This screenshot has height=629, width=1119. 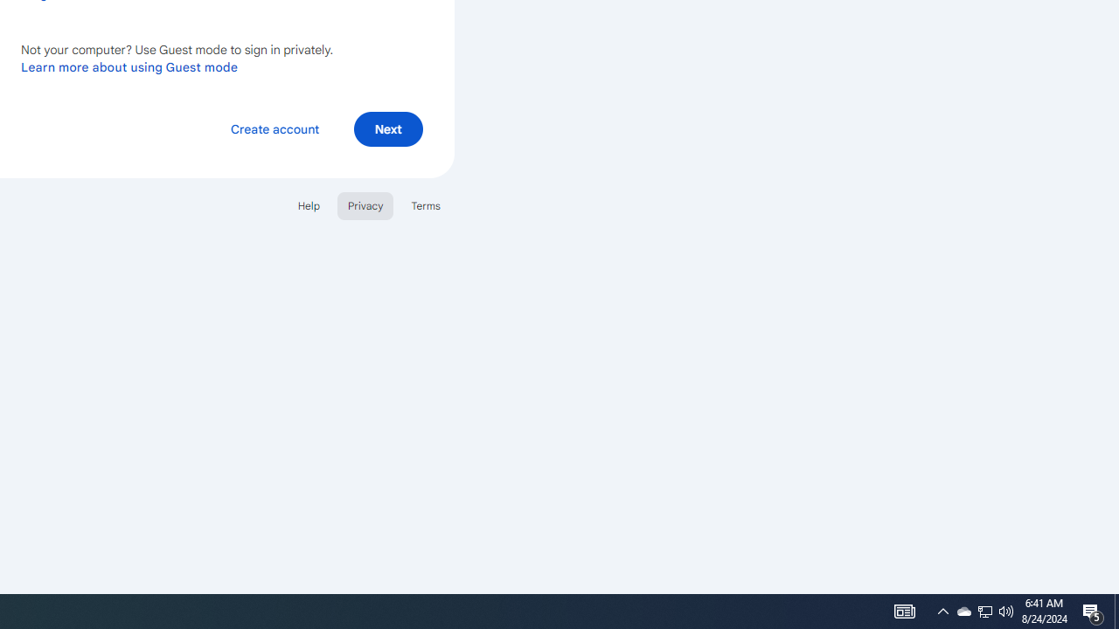 I want to click on 'Create account', so click(x=274, y=128).